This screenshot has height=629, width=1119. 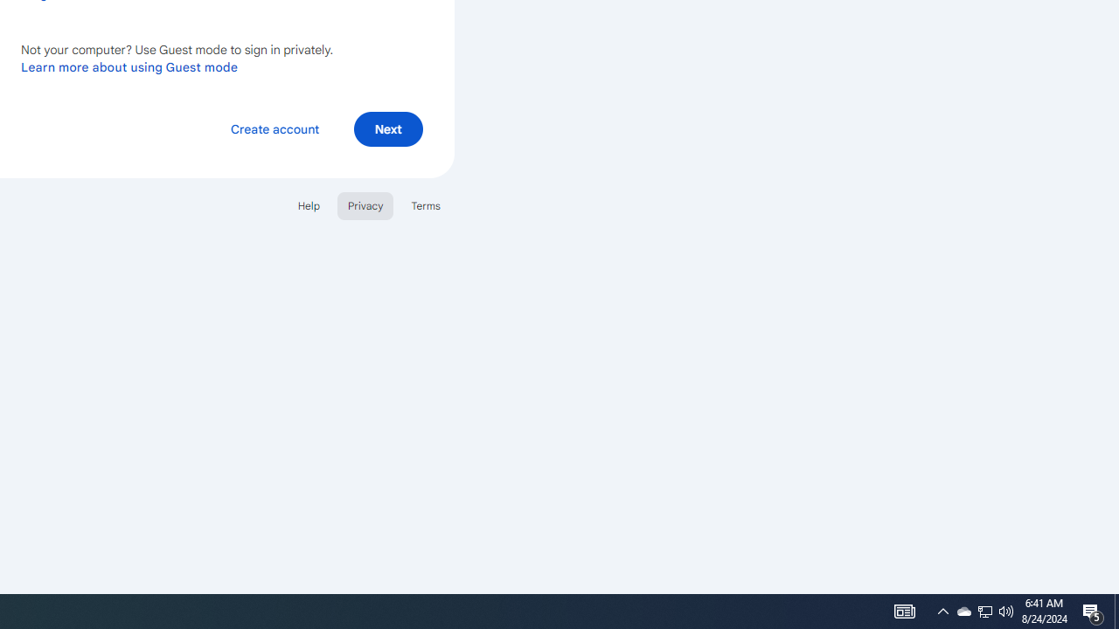 I want to click on 'Create account', so click(x=274, y=128).